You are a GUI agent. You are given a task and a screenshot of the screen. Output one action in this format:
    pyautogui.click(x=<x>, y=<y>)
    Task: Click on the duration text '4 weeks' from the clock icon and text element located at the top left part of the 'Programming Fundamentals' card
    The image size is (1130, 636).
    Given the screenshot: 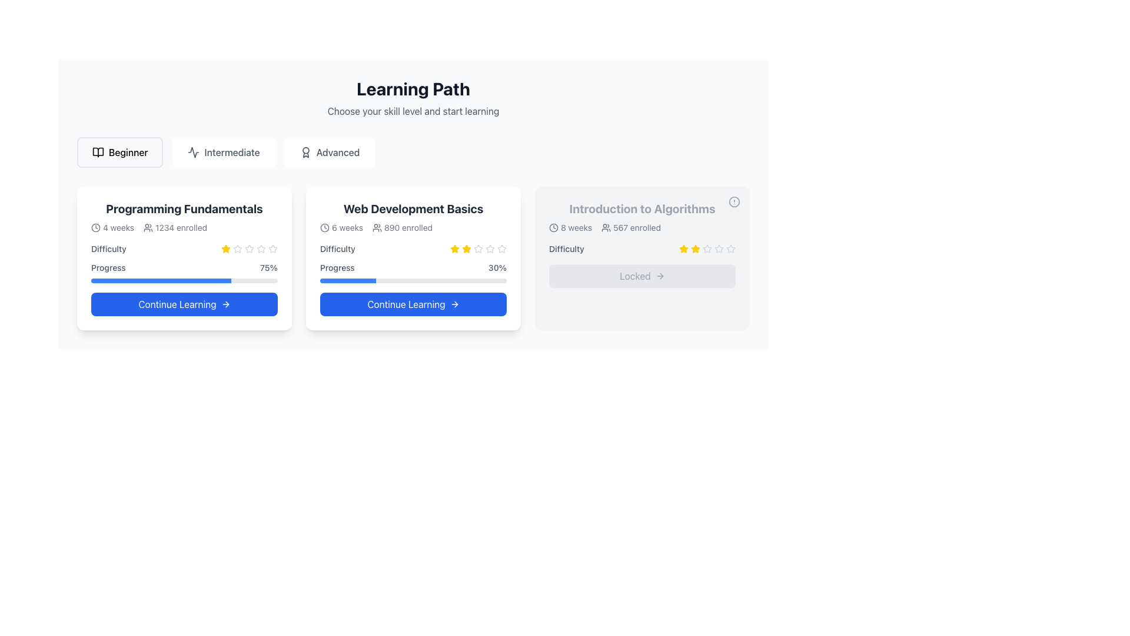 What is the action you would take?
    pyautogui.click(x=112, y=227)
    